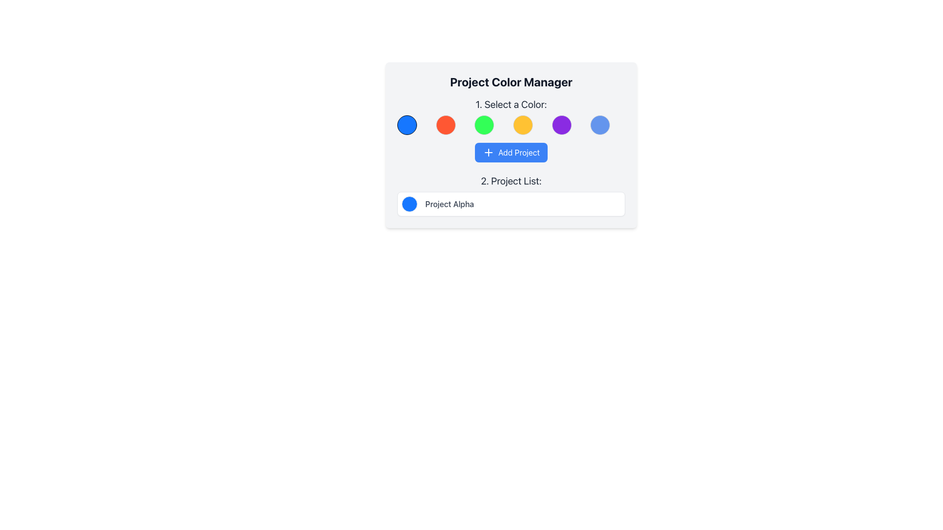 The image size is (943, 530). I want to click on the second circular button from the left with a bright orange fill color and a thin gray border in the color selection row, so click(445, 124).